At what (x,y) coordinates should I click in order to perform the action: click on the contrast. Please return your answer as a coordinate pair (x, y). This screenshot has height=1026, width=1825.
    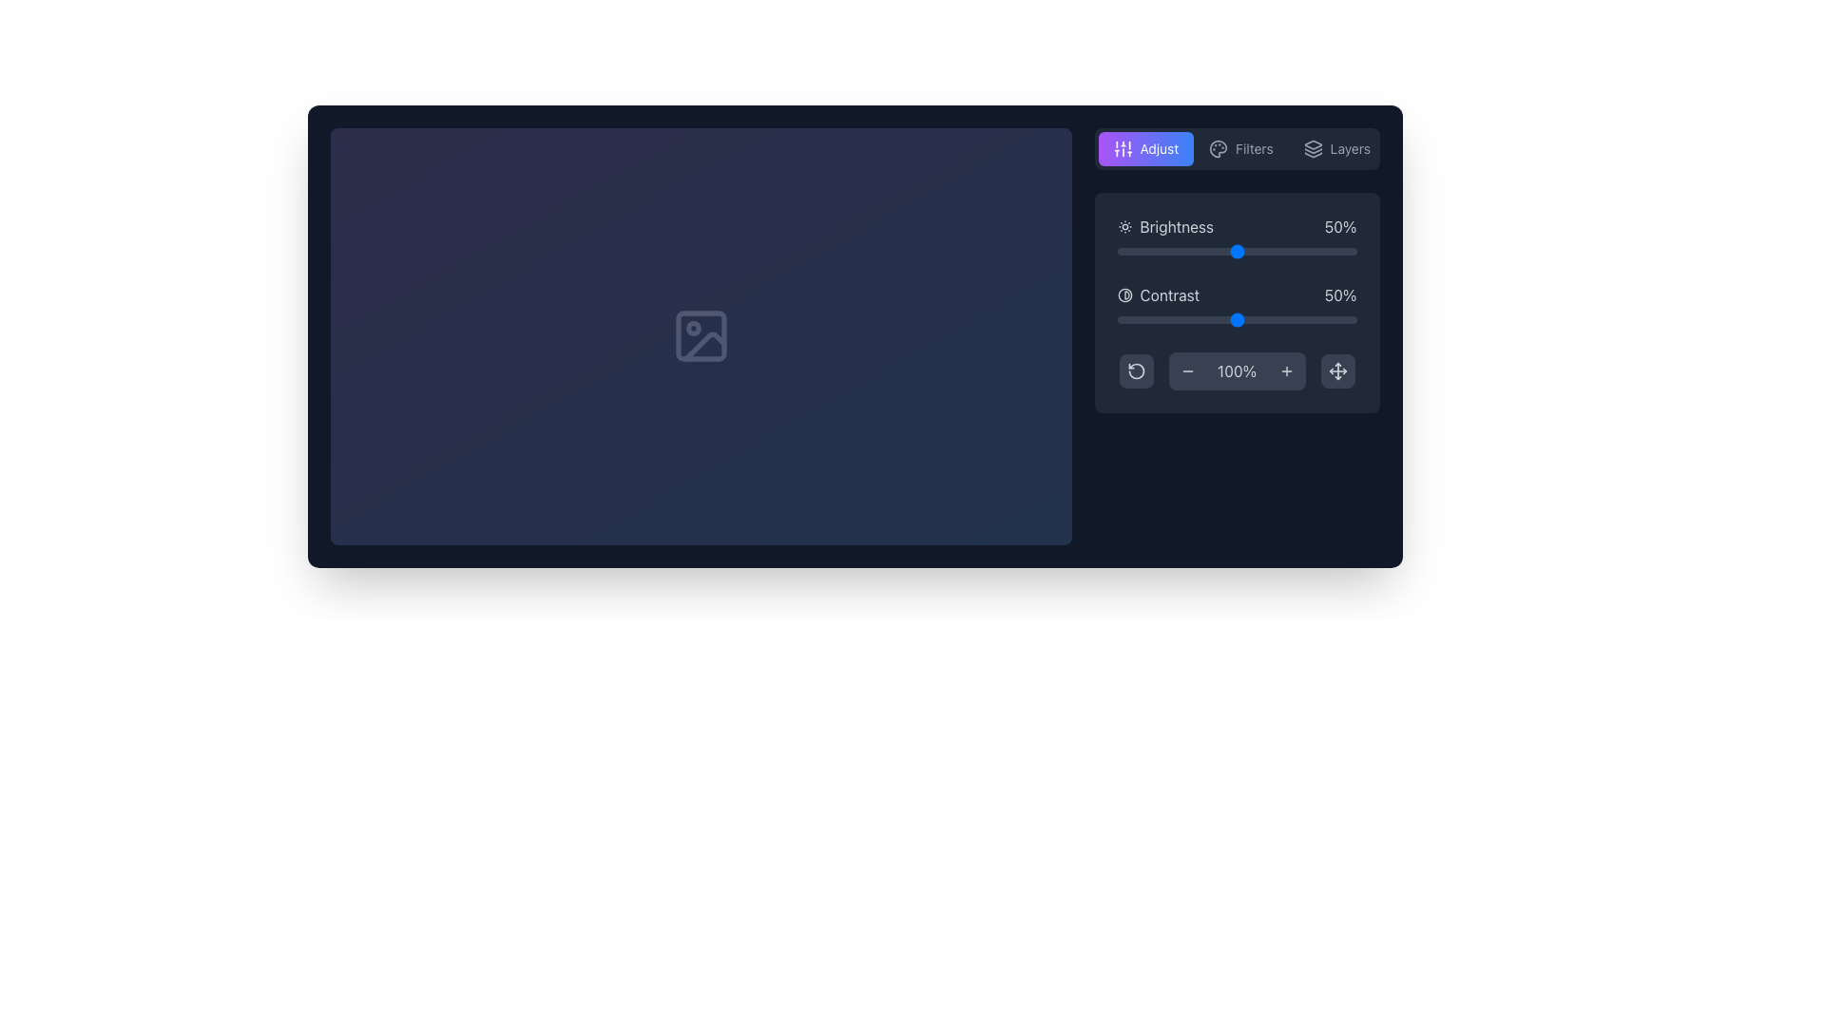
    Looking at the image, I should click on (1317, 318).